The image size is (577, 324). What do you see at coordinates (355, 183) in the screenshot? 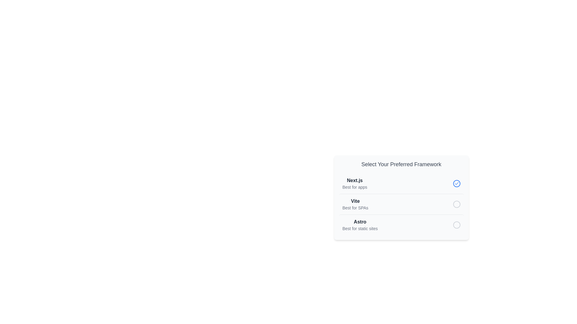
I see `the informative text block displaying the name and description of the 'Next.js' framework, which is located within the top option of the framework choices` at bounding box center [355, 183].